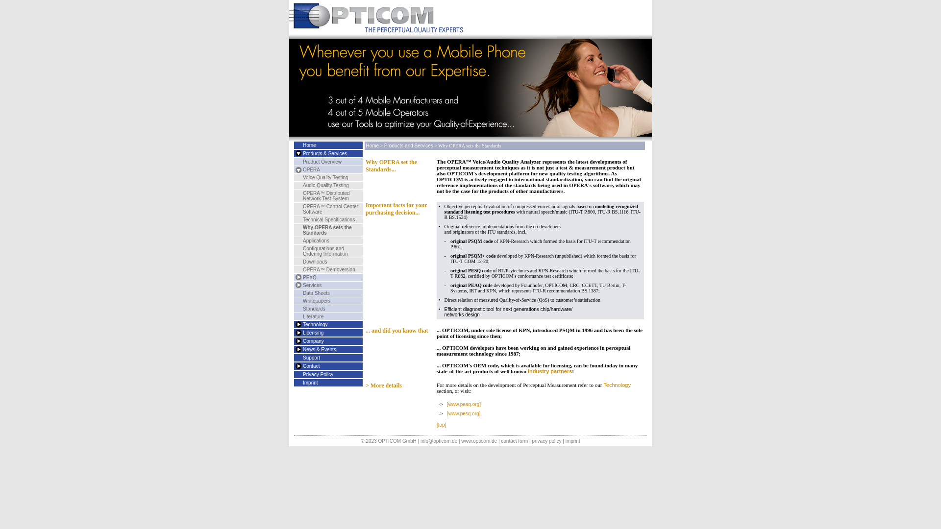  I want to click on 'Configurations and Ordering Information', so click(325, 251).